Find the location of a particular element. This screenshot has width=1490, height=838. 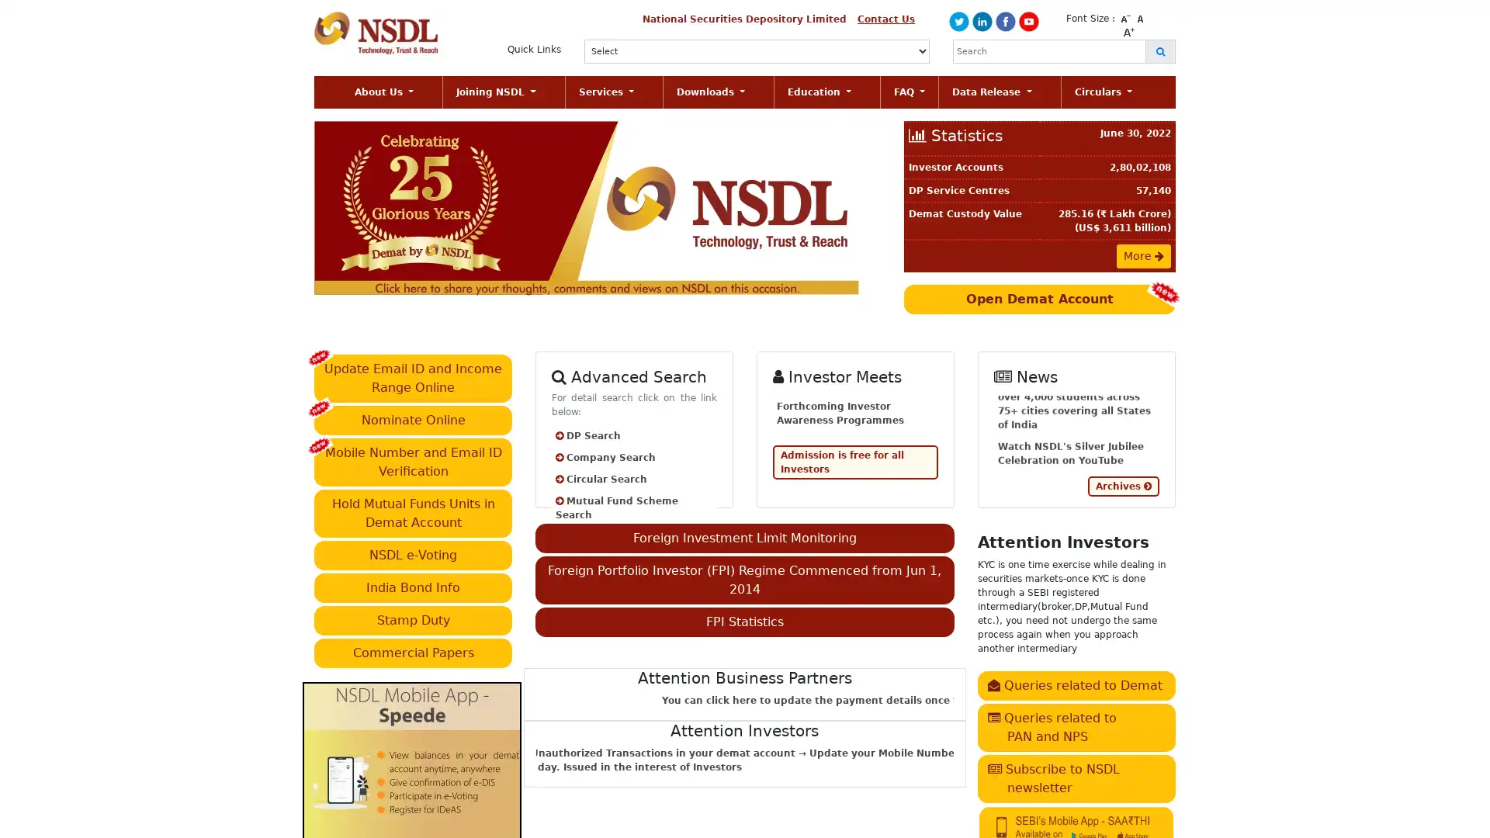

Stamp Duty is located at coordinates (413, 618).